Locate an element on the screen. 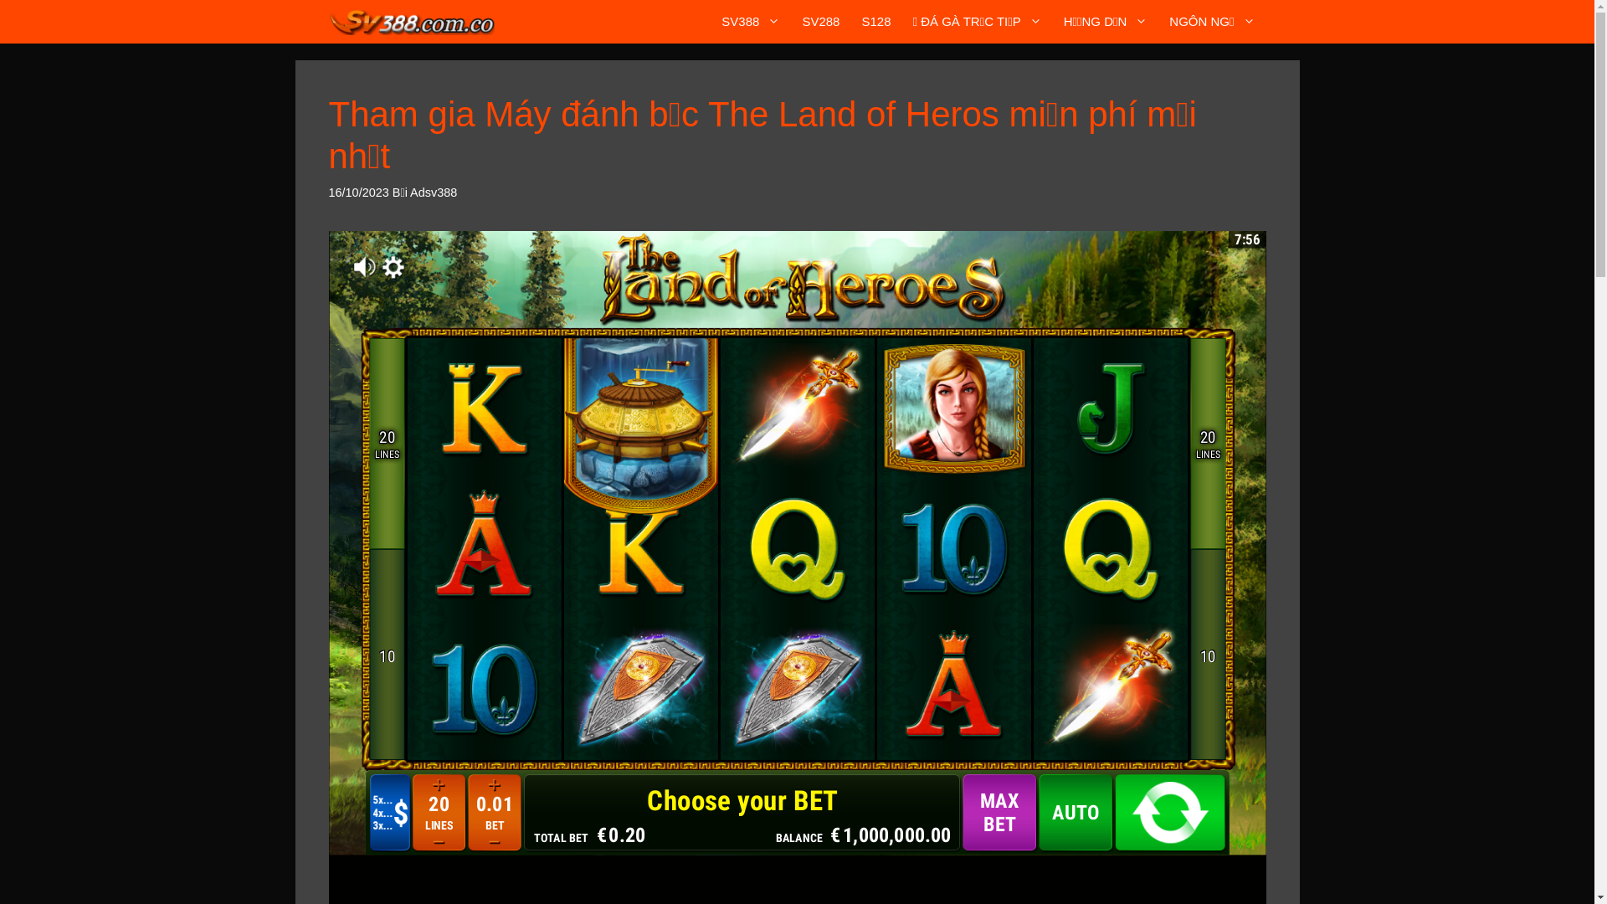  'SV388' is located at coordinates (750, 22).